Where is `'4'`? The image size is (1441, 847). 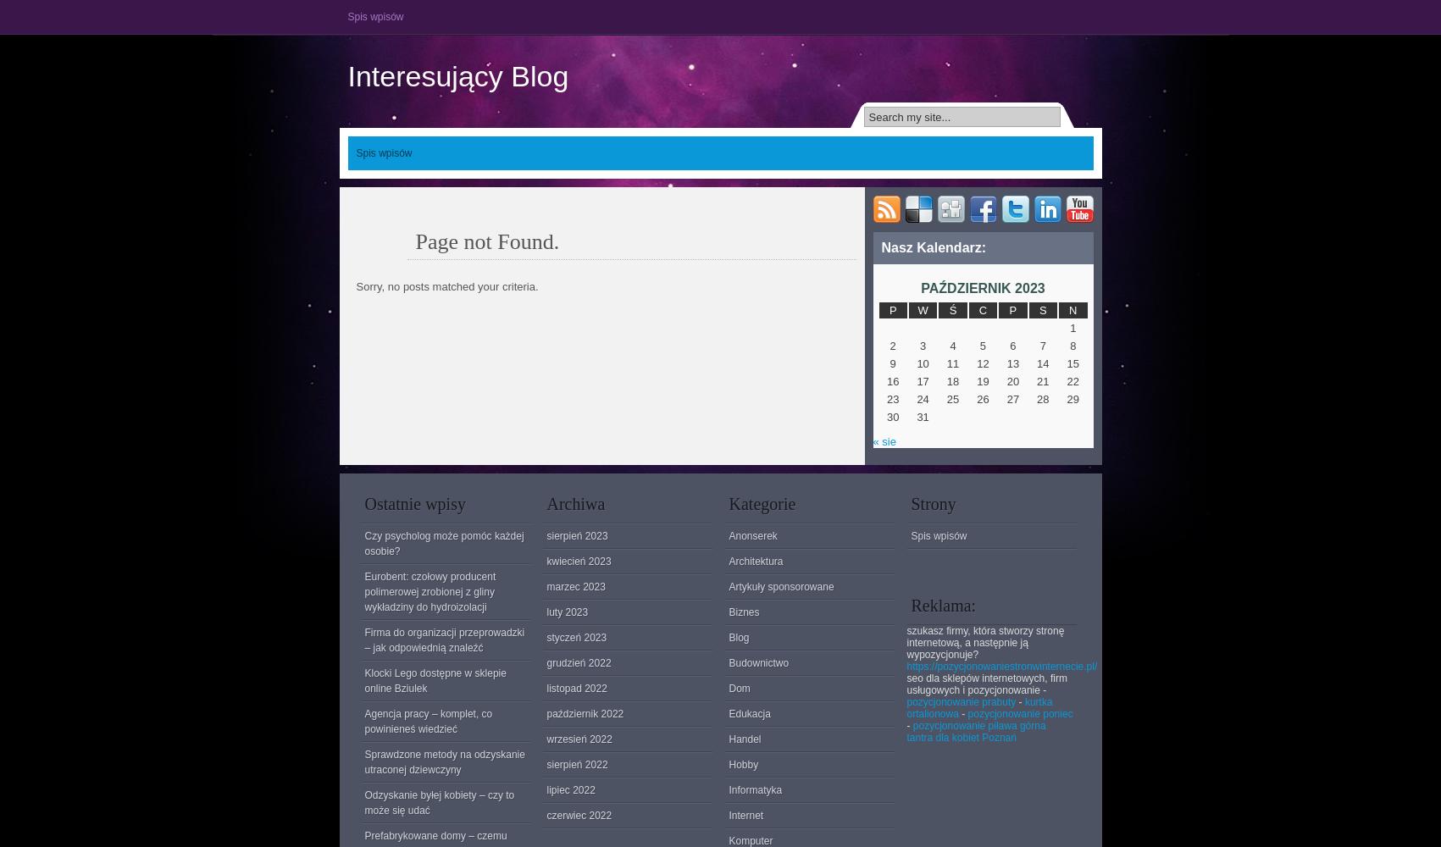 '4' is located at coordinates (951, 346).